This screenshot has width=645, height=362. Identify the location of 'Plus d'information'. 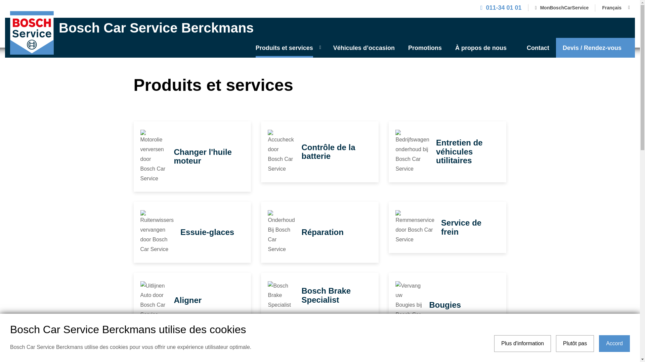
(522, 344).